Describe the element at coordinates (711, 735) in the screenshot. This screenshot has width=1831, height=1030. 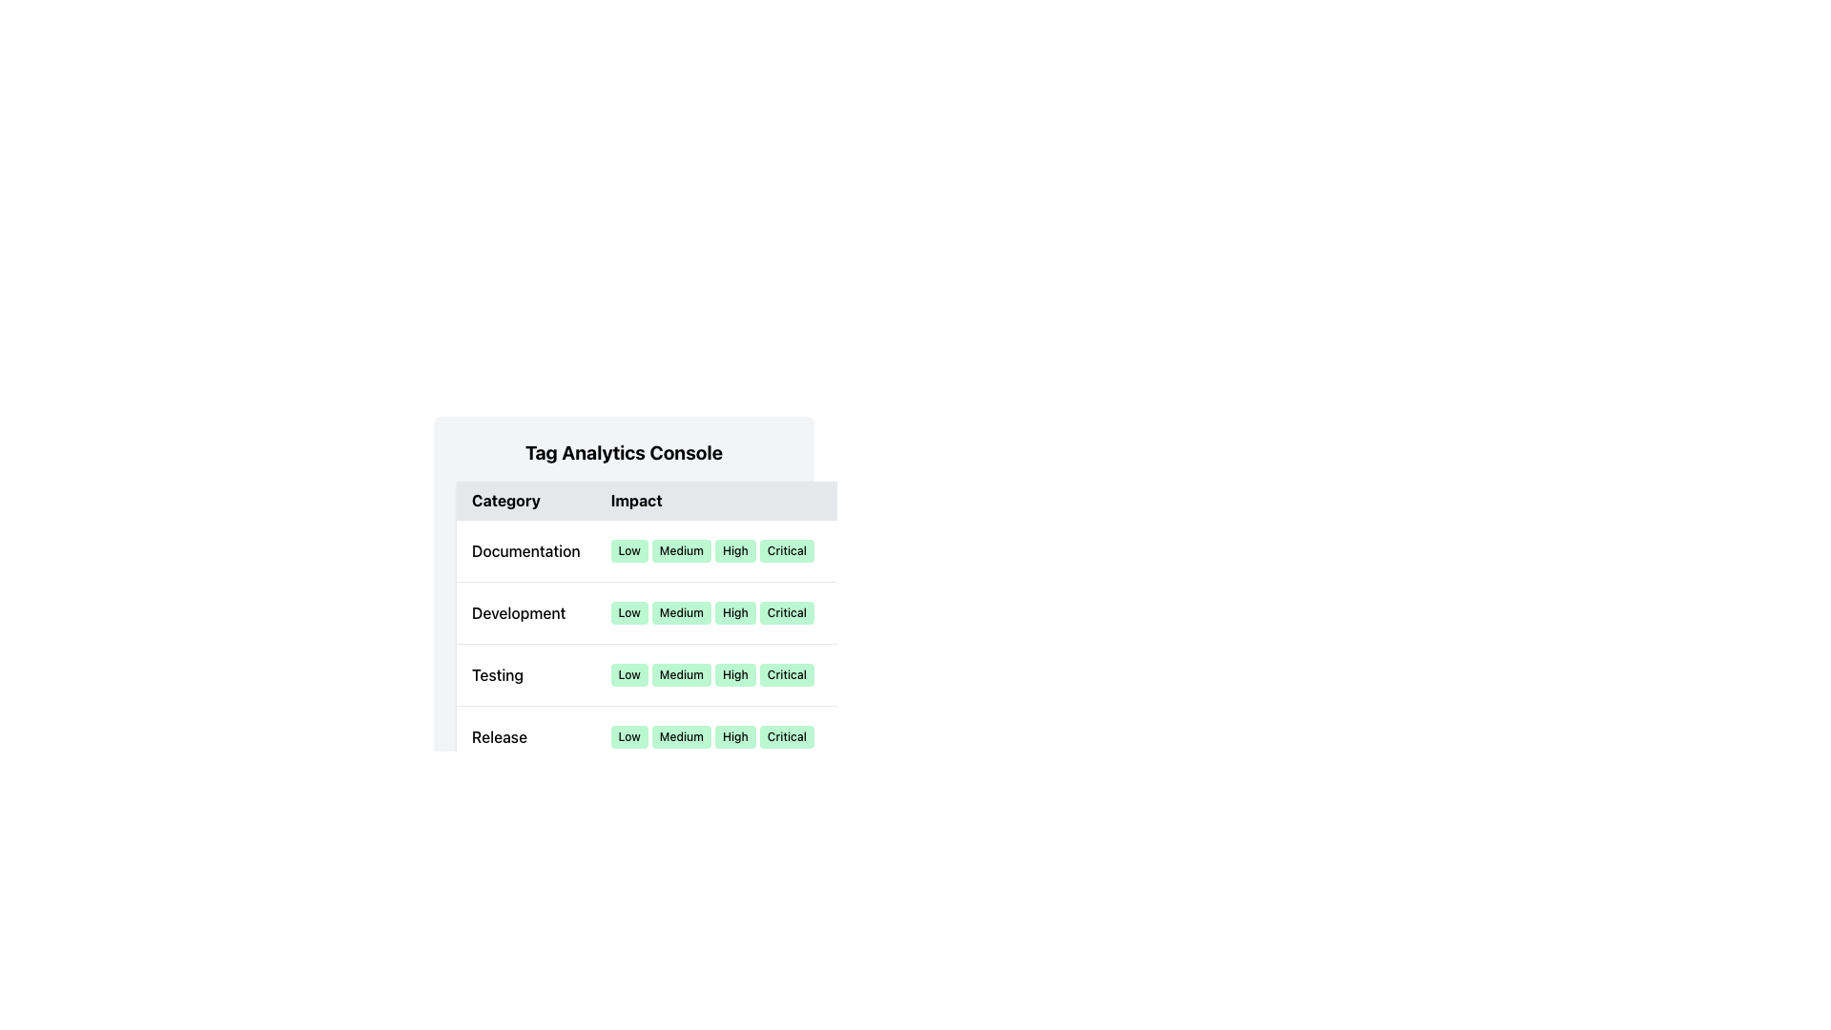
I see `the text on the group of labels indicating different levels of impact in the 'Release' category located in the last row of the table under the 'Impact' column in the 'Tag Analytics Console' section` at that location.